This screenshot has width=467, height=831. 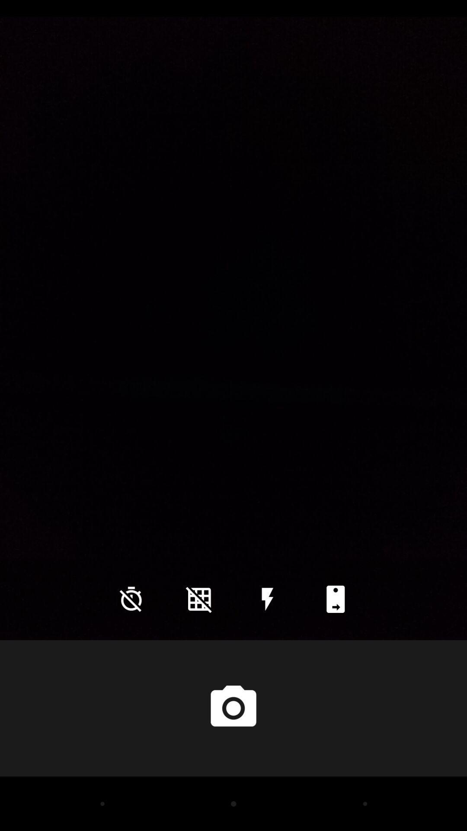 I want to click on the flash icon, so click(x=267, y=599).